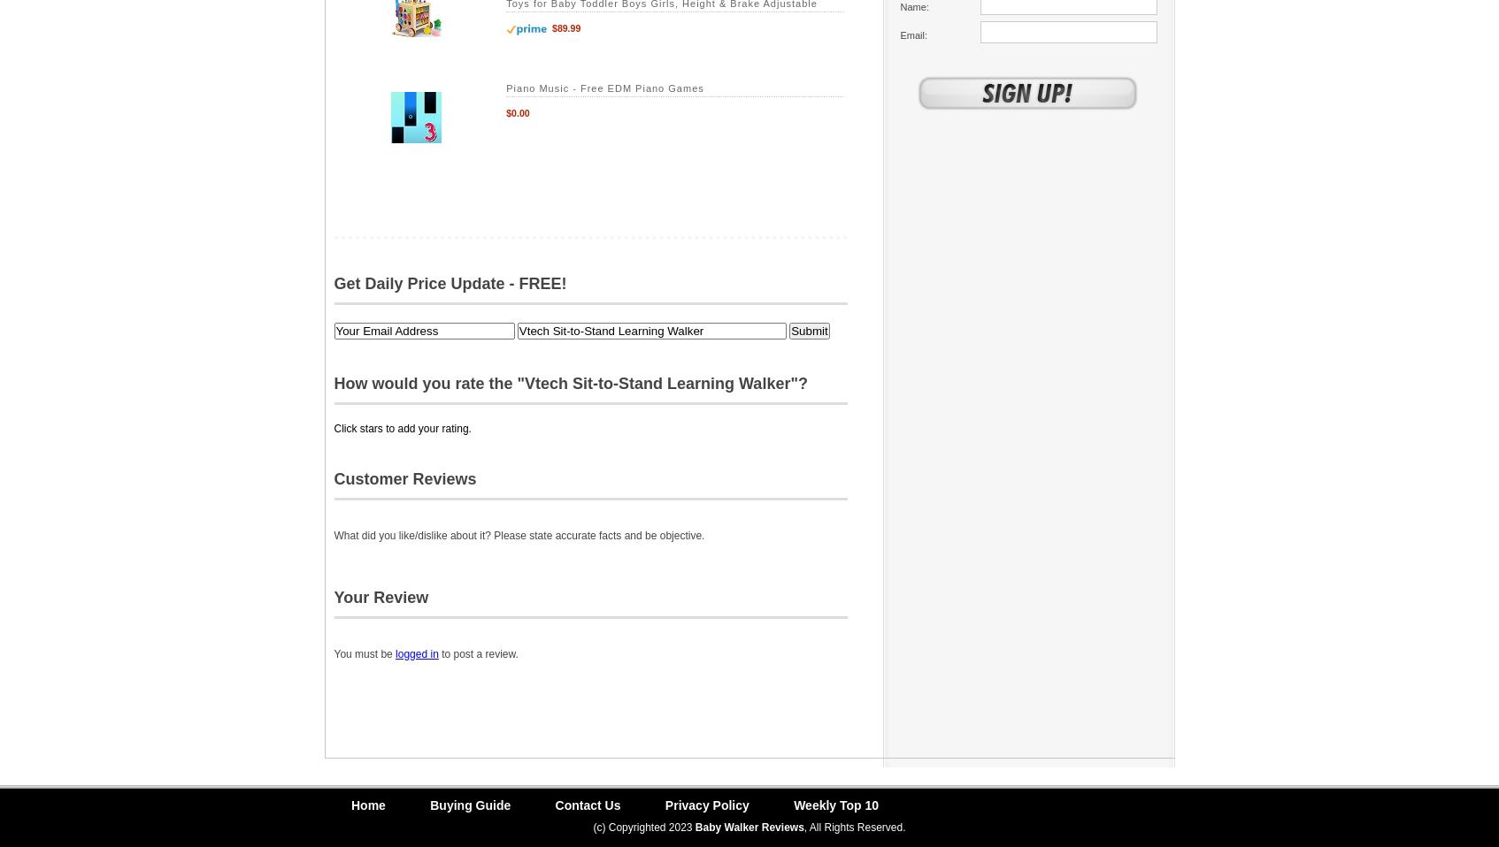  I want to click on 'Baby Walker Reviews', so click(749, 827).